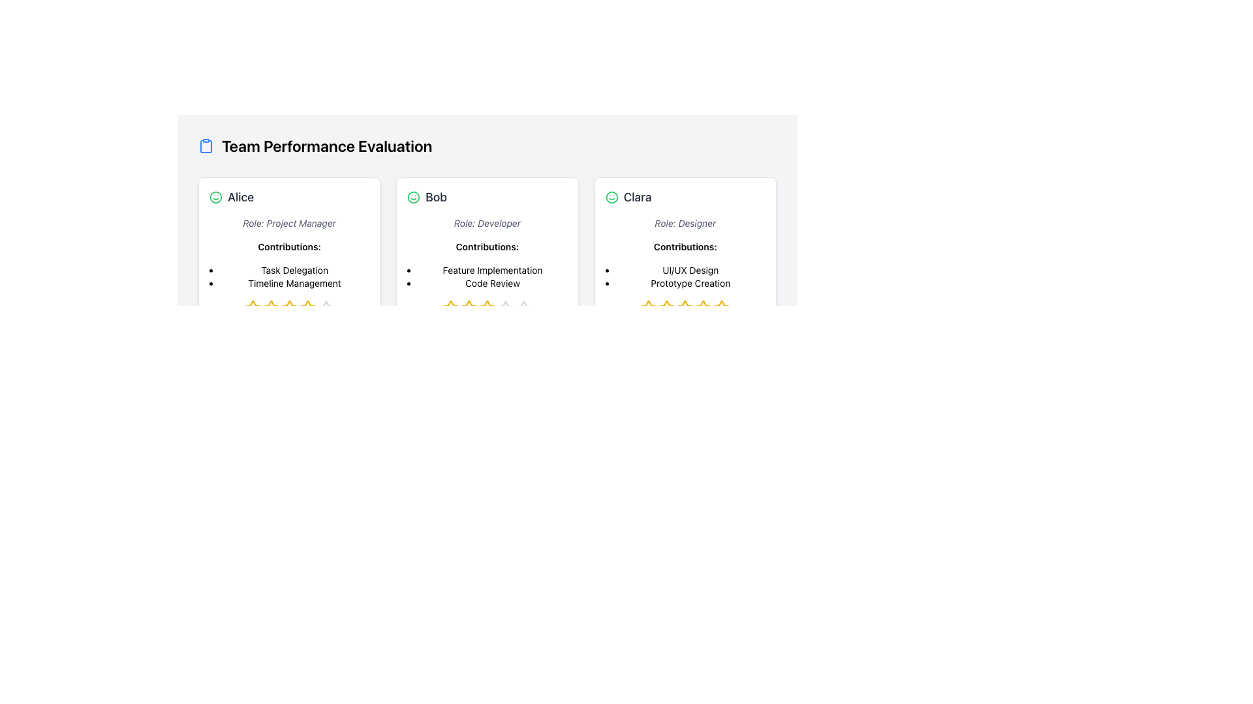  I want to click on the text label that indicates the job role 'Developer' for 'Bob', which is located in the card labeled 'Bob', situated between the name 'Bob' and the 'Contributions:' section, so click(487, 223).